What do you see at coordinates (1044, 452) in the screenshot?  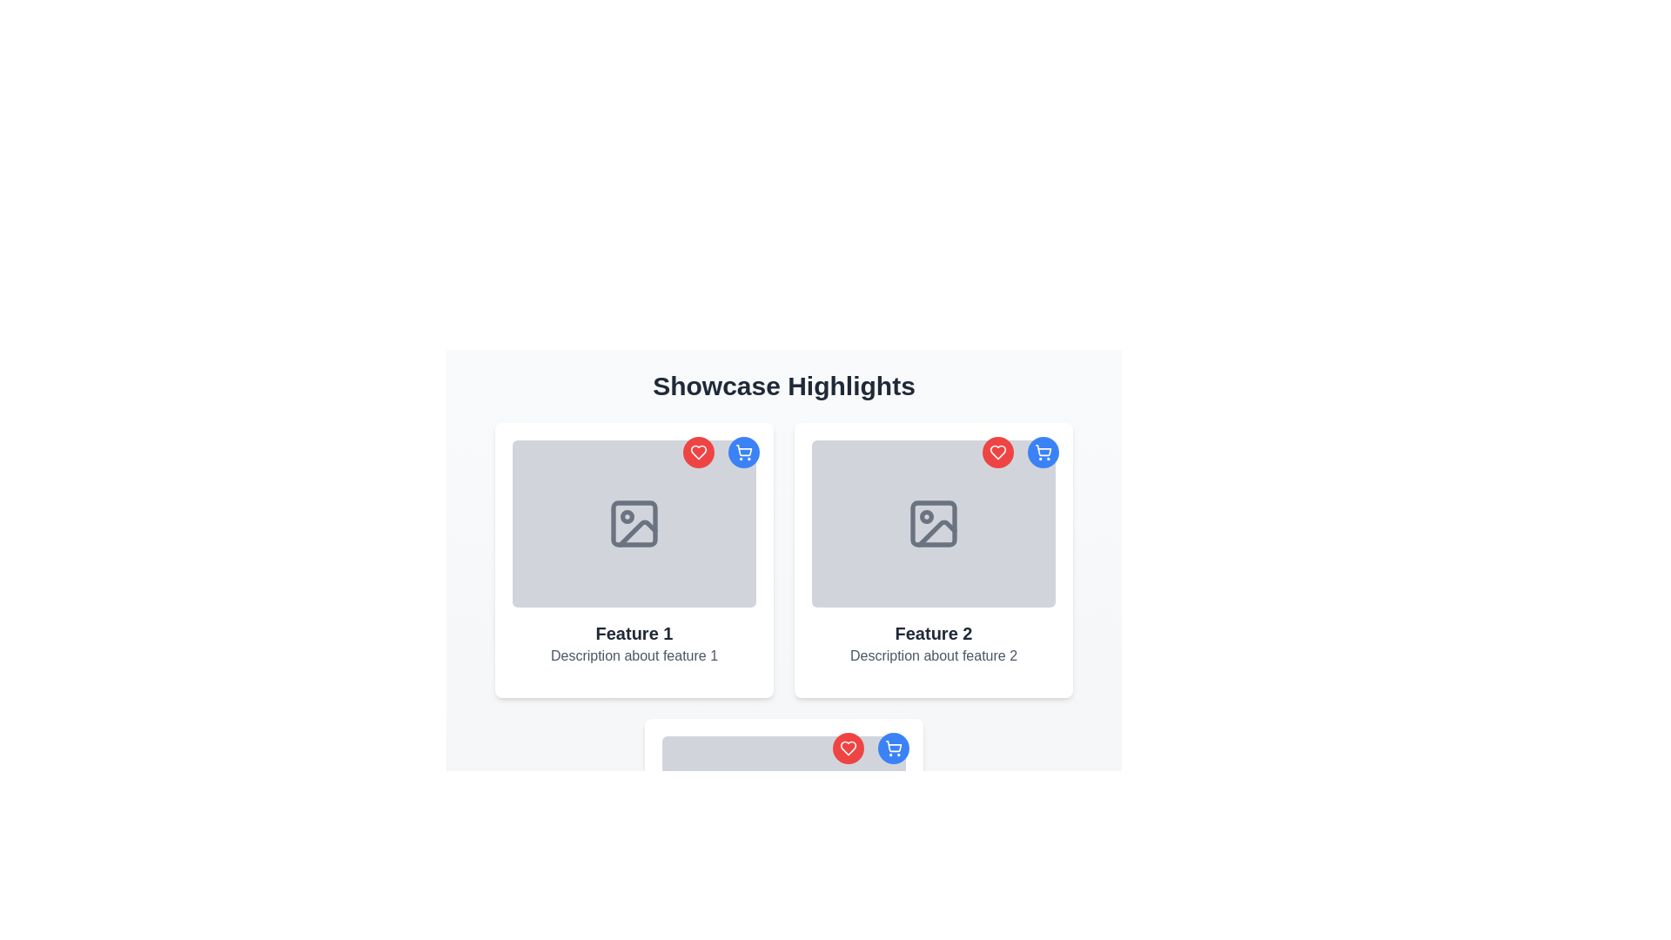 I see `the icon button located in the top-right corner of the second card titled 'Feature 2'` at bounding box center [1044, 452].